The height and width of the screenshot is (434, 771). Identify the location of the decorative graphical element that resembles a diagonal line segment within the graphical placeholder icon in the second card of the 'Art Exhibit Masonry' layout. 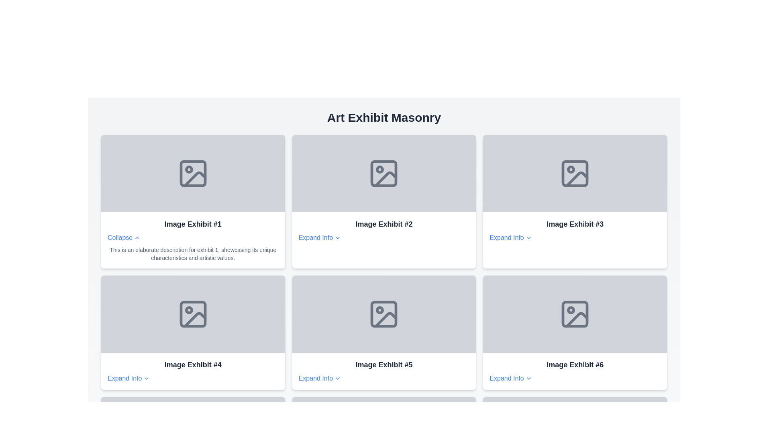
(386, 178).